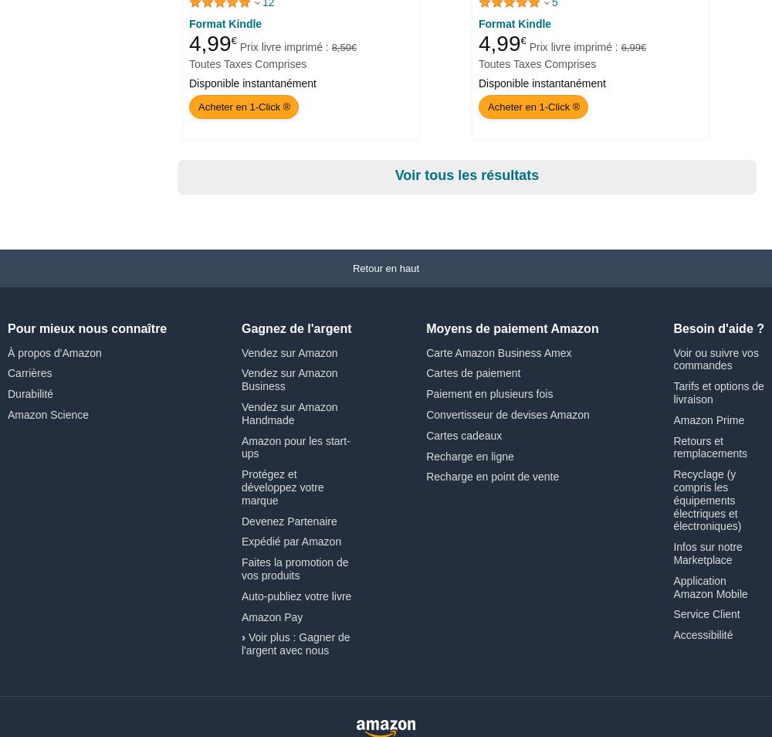 Image resolution: width=772 pixels, height=737 pixels. I want to click on 'Gagnez de l'argent', so click(296, 328).